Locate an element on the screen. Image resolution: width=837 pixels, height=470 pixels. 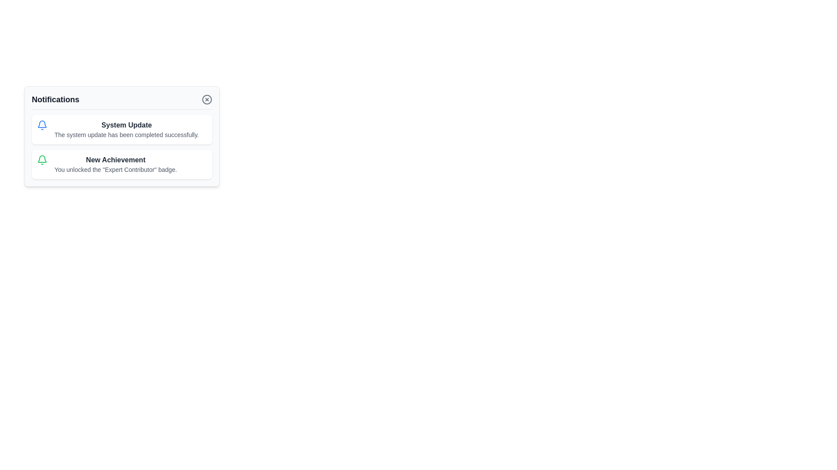
text label stating 'The system update has been completed successfully.' which is located in the notification card beneath the 'System Update' heading is located at coordinates (126, 134).